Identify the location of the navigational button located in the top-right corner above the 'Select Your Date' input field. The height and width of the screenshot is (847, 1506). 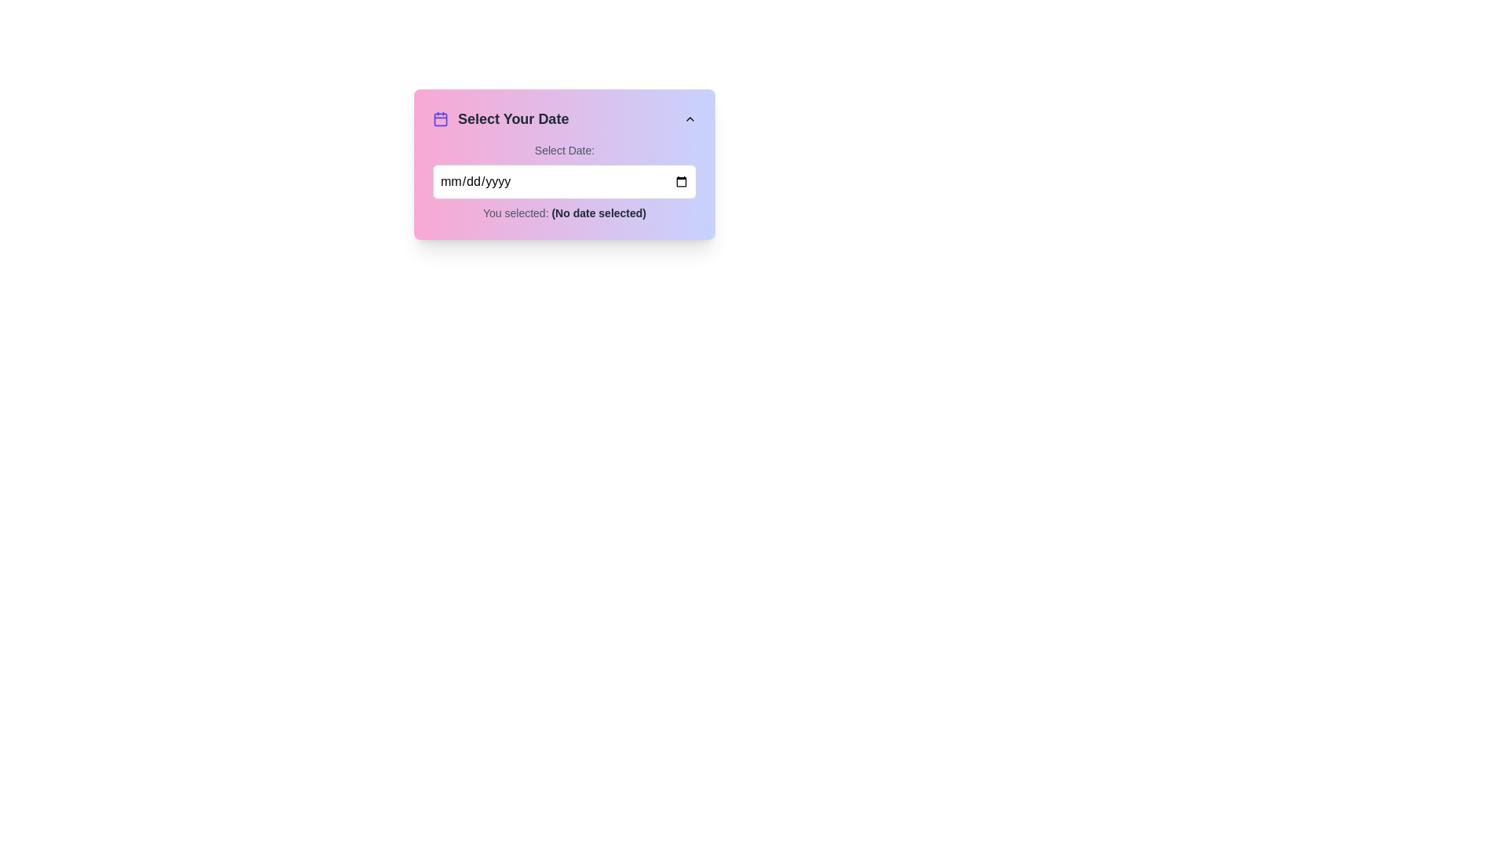
(689, 118).